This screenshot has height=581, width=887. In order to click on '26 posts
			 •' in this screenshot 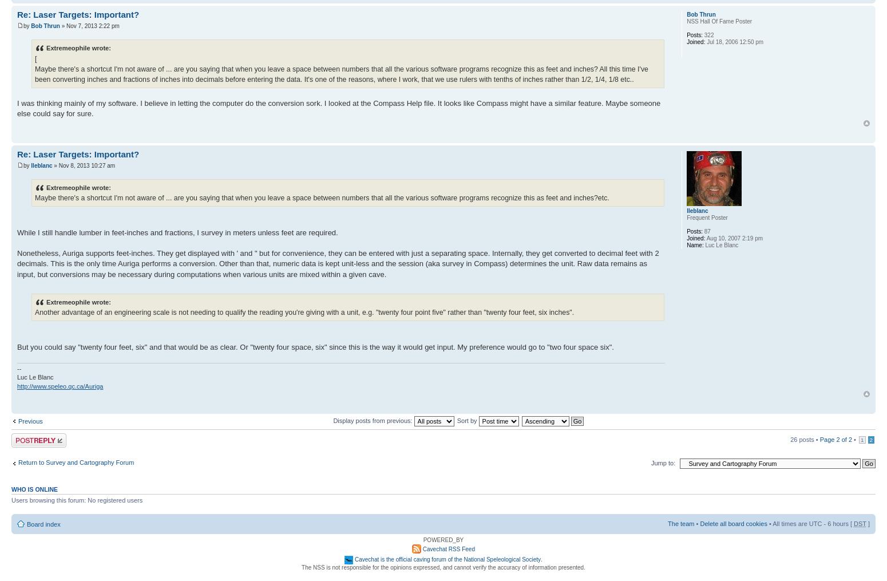, I will do `click(804, 438)`.